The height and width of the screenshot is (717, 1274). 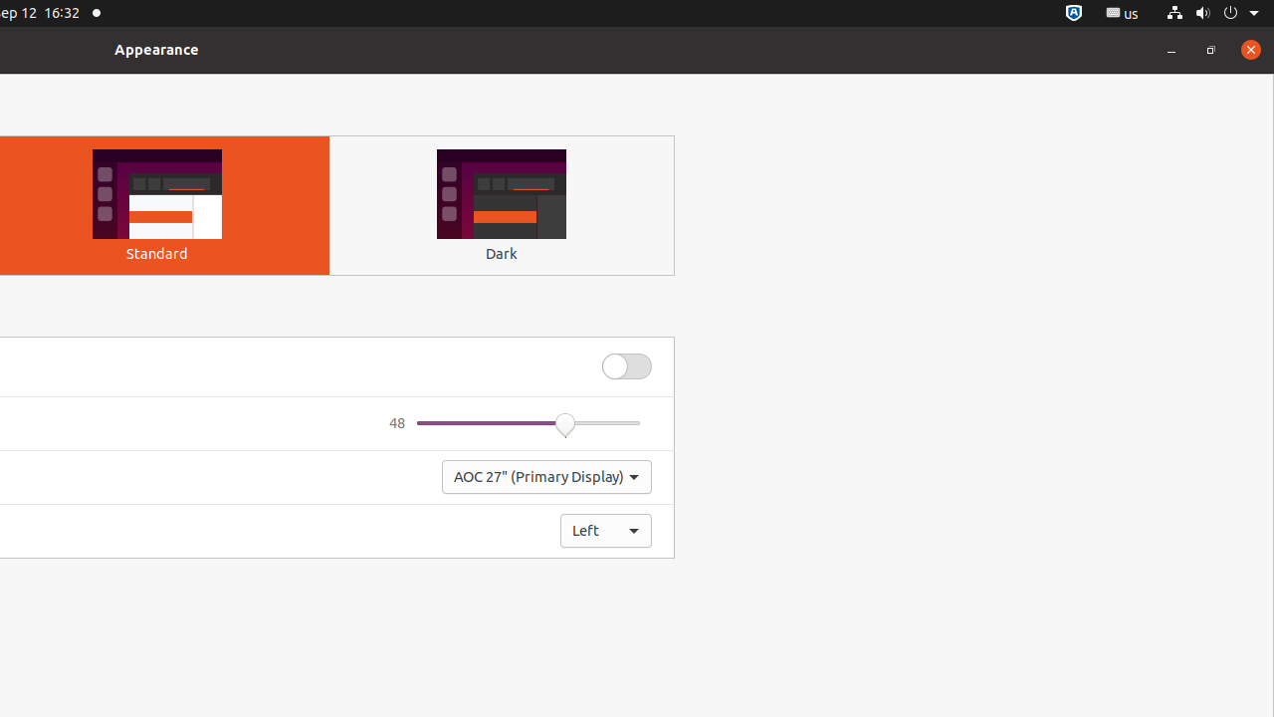 What do you see at coordinates (1210, 48) in the screenshot?
I see `'Restore'` at bounding box center [1210, 48].